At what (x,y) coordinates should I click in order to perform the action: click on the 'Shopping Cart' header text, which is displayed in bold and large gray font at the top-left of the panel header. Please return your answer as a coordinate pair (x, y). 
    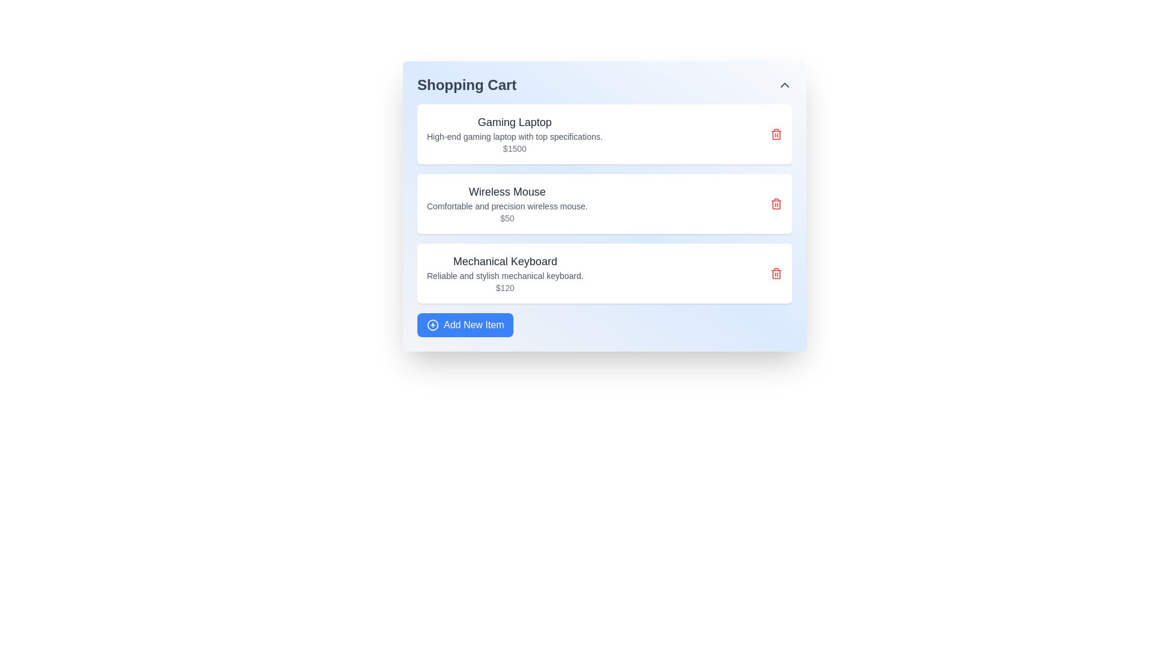
    Looking at the image, I should click on (466, 85).